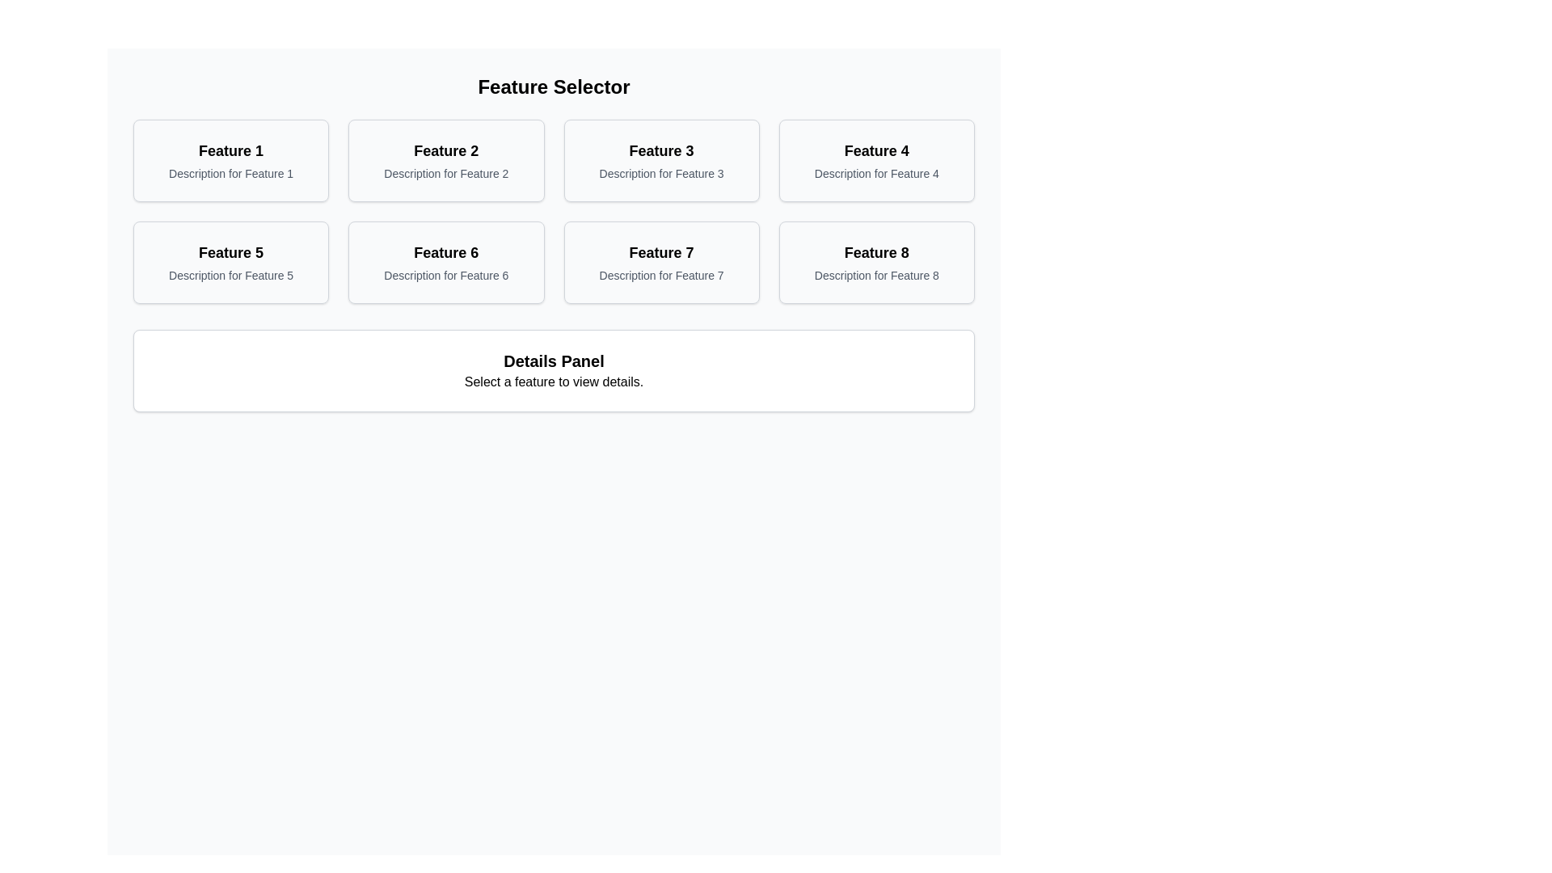  I want to click on text from the Feature Card located in the second position of the first row, which provides a summary of the feature, so click(446, 161).